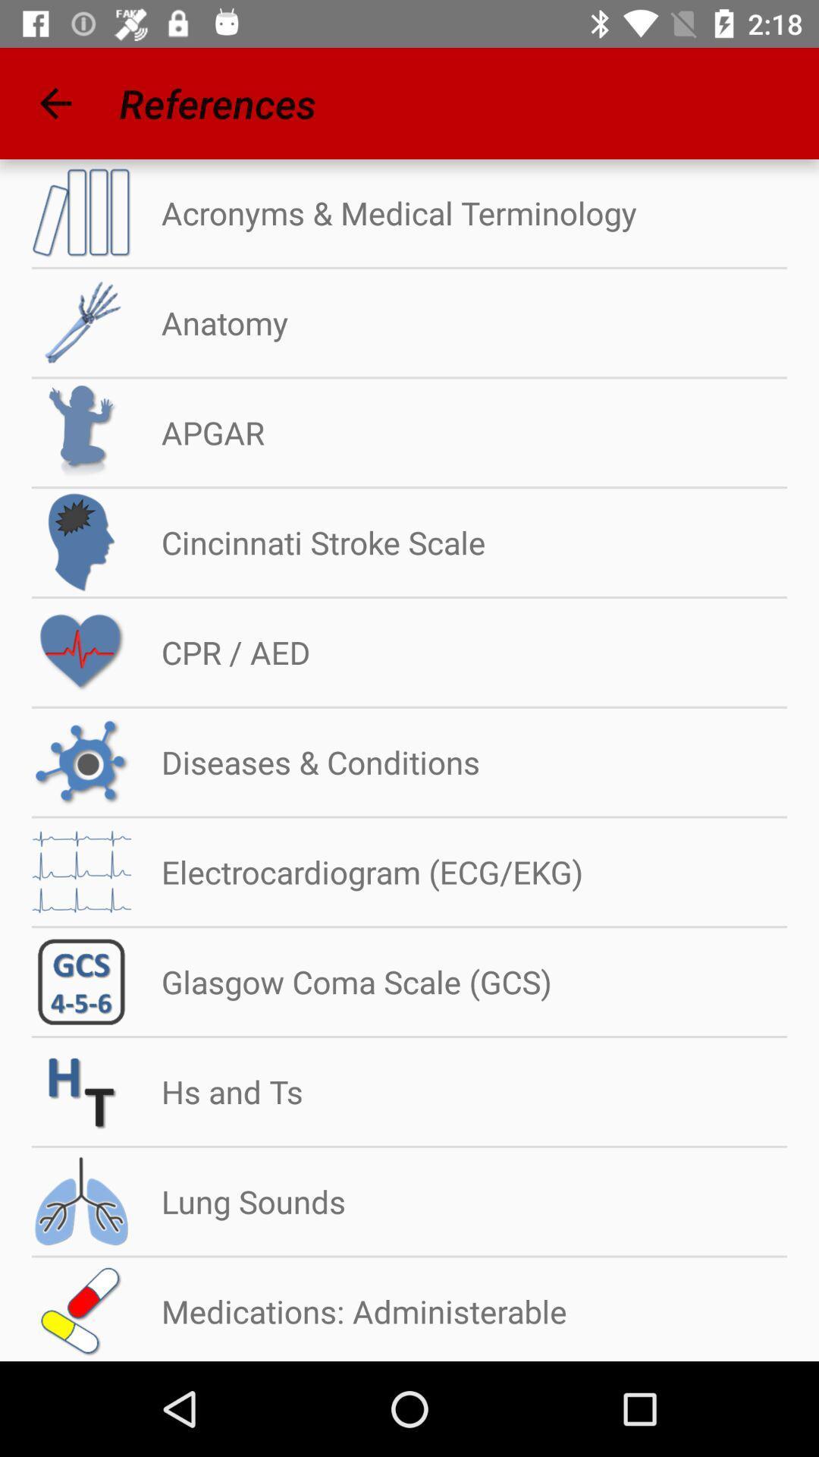  What do you see at coordinates (356, 872) in the screenshot?
I see `the electrocardiogram (ecg/ekg)` at bounding box center [356, 872].